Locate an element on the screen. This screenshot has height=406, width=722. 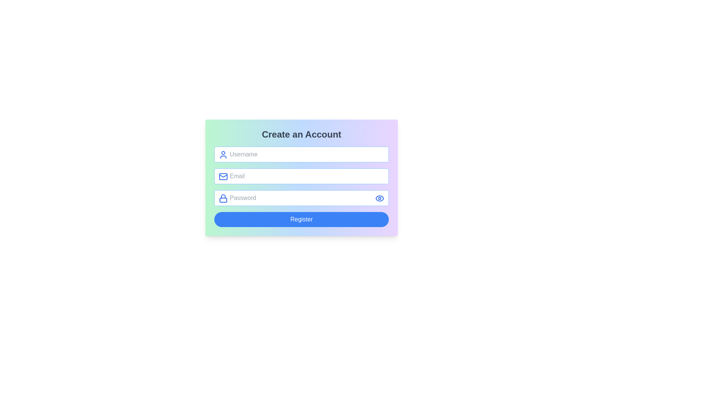
the top semicircular portion of the padlock icon, which is styled with blue lines and located to the left of the 'Password' input field is located at coordinates (223, 196).